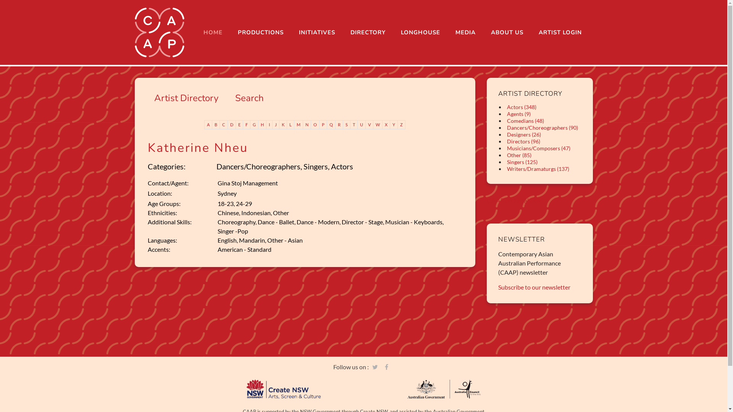 Image resolution: width=733 pixels, height=412 pixels. What do you see at coordinates (394, 124) in the screenshot?
I see `'Y'` at bounding box center [394, 124].